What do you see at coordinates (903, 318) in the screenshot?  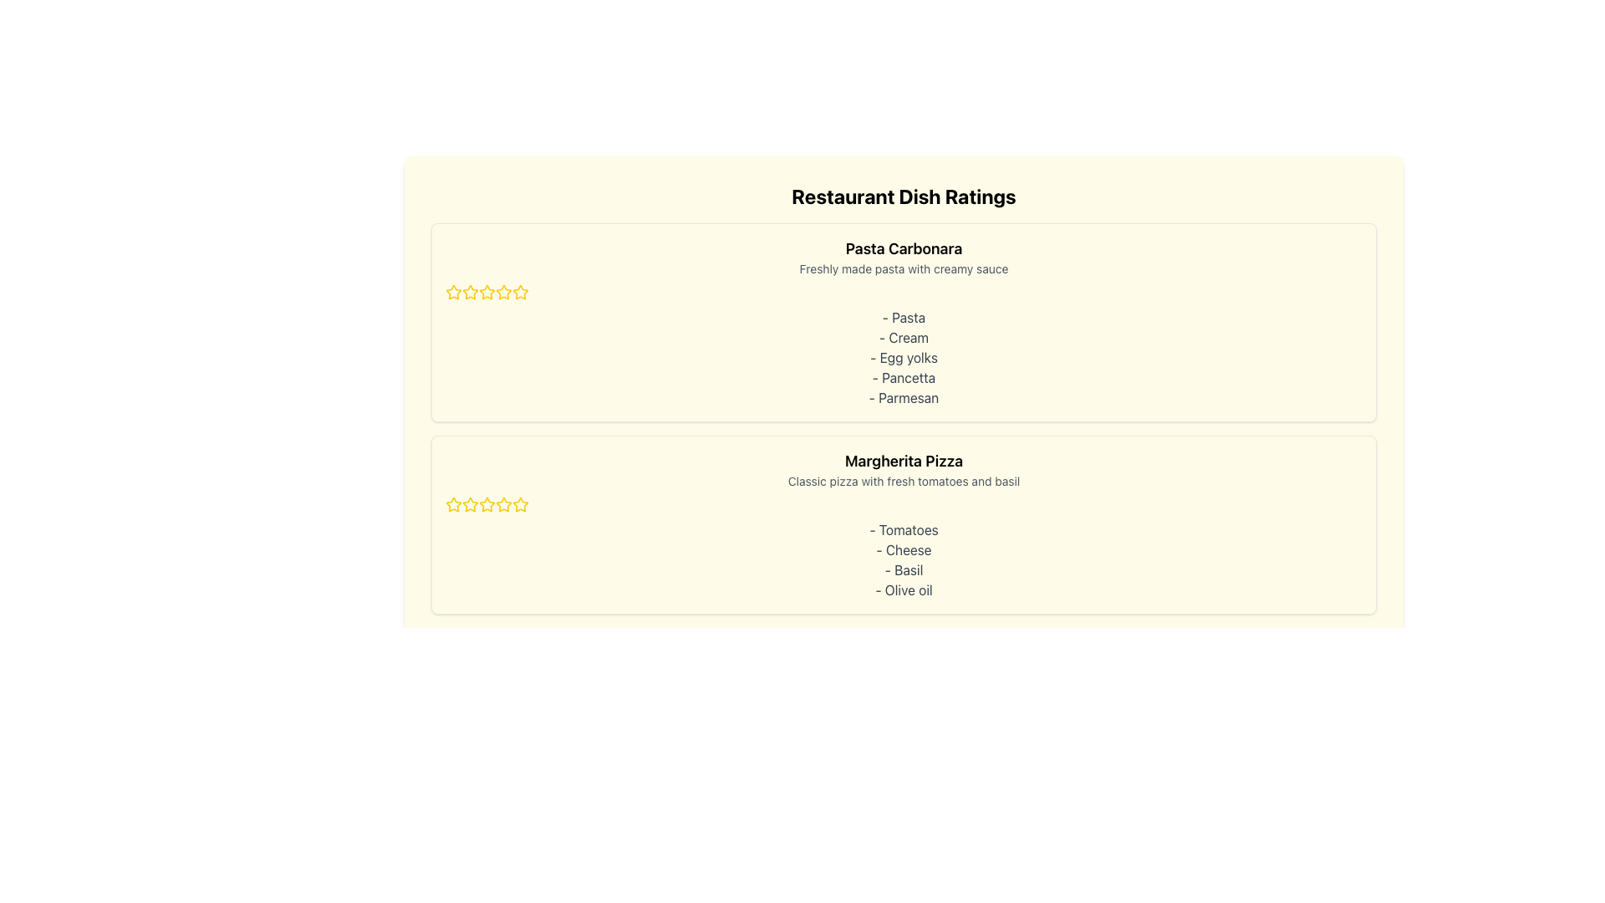 I see `text of the label identifying 'Pasta' which is the first ingredient listed under 'Pasta Carbonara.'` at bounding box center [903, 318].